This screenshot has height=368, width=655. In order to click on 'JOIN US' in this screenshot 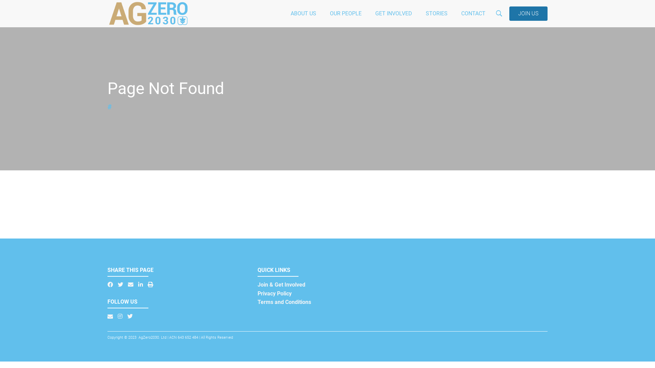, I will do `click(528, 13)`.